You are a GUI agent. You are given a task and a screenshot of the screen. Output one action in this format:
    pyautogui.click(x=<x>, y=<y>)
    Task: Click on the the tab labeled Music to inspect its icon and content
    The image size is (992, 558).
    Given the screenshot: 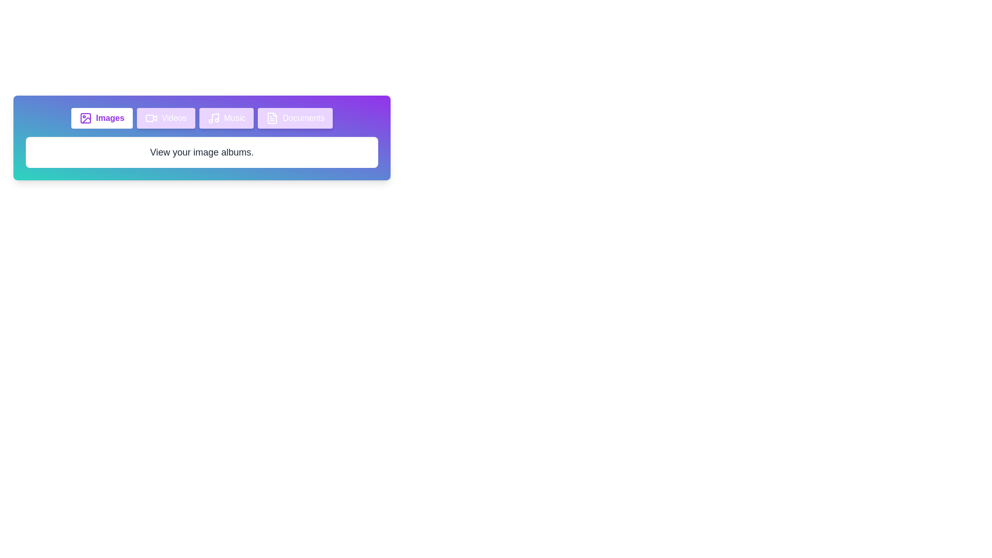 What is the action you would take?
    pyautogui.click(x=226, y=117)
    